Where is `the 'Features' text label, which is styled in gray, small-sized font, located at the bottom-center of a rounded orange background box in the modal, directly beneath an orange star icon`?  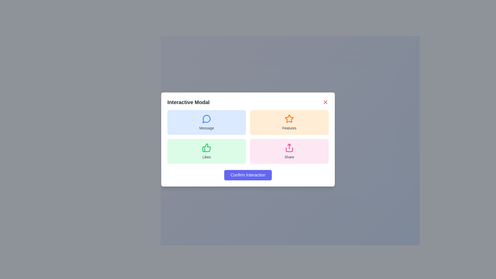 the 'Features' text label, which is styled in gray, small-sized font, located at the bottom-center of a rounded orange background box in the modal, directly beneath an orange star icon is located at coordinates (289, 128).